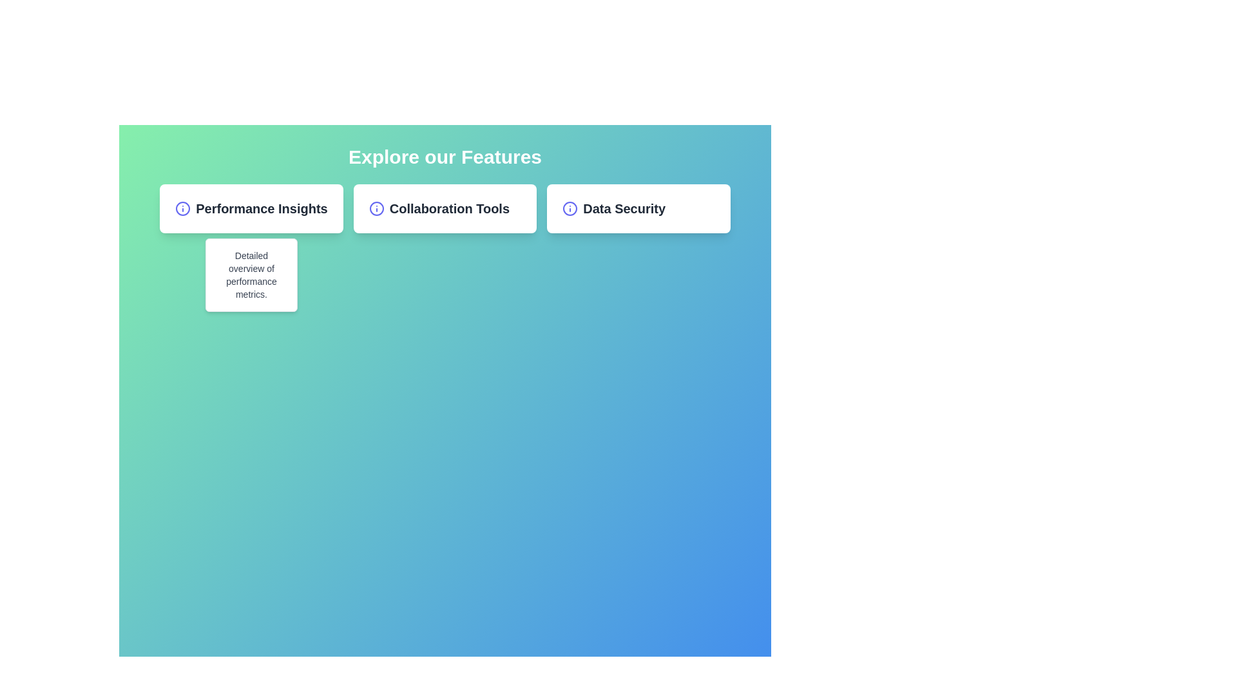 The width and height of the screenshot is (1237, 696). I want to click on the 'Collaboration Tools' text label which is the middle option in a horizontally aligned list of three cards, situated within a white rounded rectangle card, so click(445, 208).